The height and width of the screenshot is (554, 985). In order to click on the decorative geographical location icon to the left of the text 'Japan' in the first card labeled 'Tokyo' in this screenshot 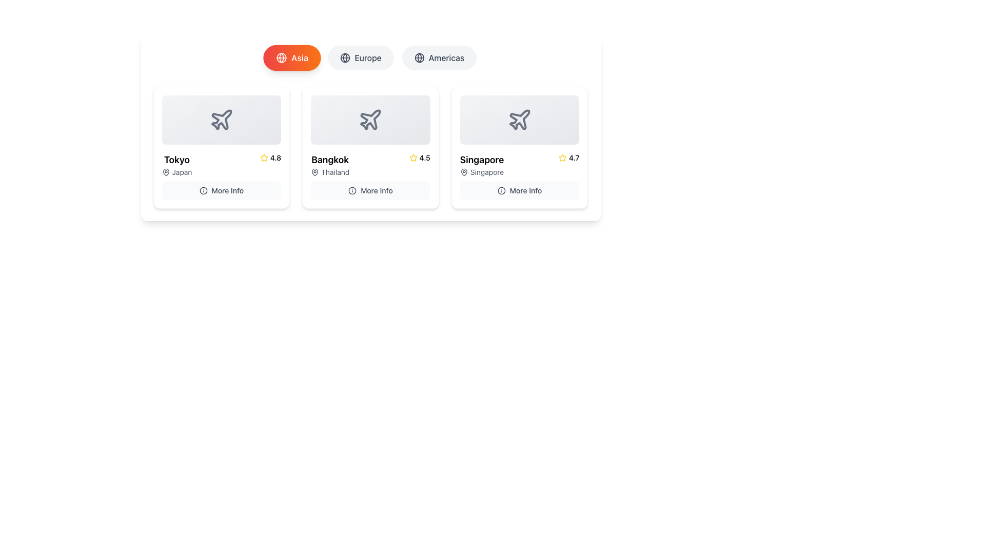, I will do `click(166, 171)`.